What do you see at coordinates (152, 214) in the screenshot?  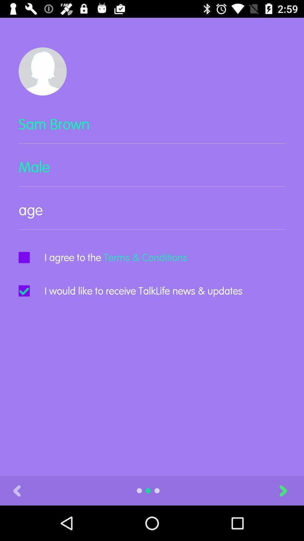 I see `the icon below the male` at bounding box center [152, 214].